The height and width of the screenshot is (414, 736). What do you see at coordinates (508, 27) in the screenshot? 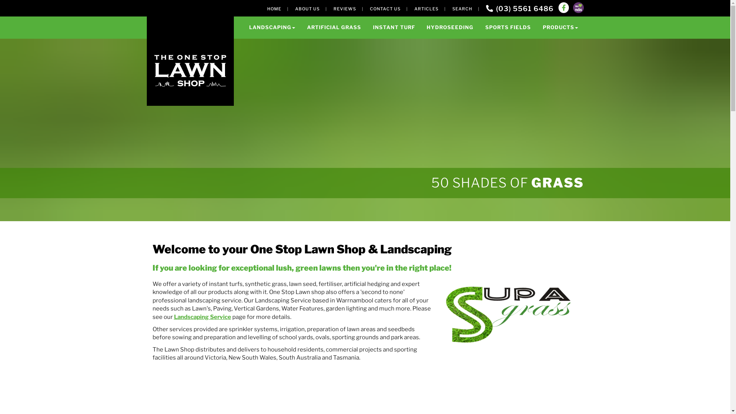
I see `'SPORTS FIELDS'` at bounding box center [508, 27].